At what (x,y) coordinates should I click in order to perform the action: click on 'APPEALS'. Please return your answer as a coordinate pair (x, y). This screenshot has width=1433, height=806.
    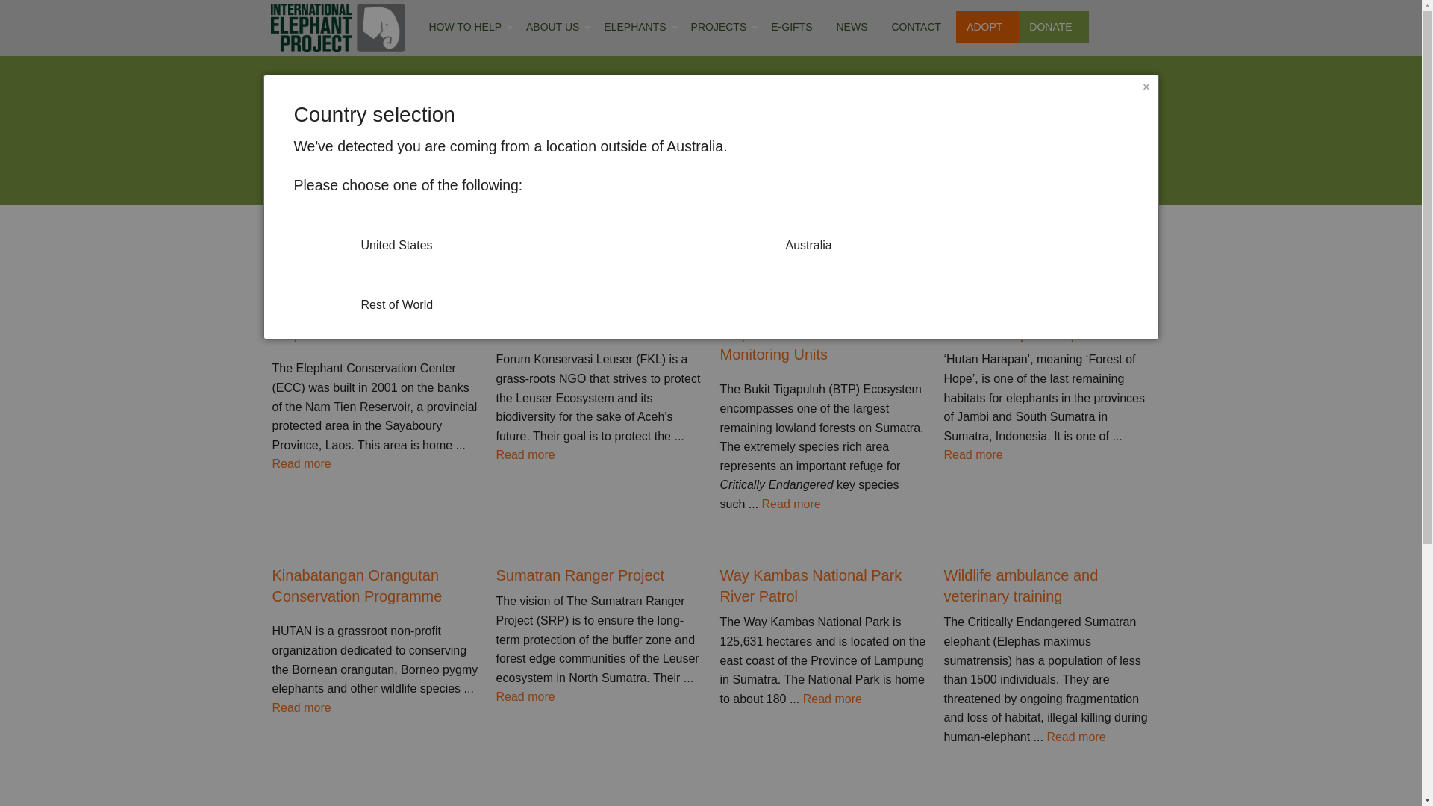
    Looking at the image, I should click on (463, 149).